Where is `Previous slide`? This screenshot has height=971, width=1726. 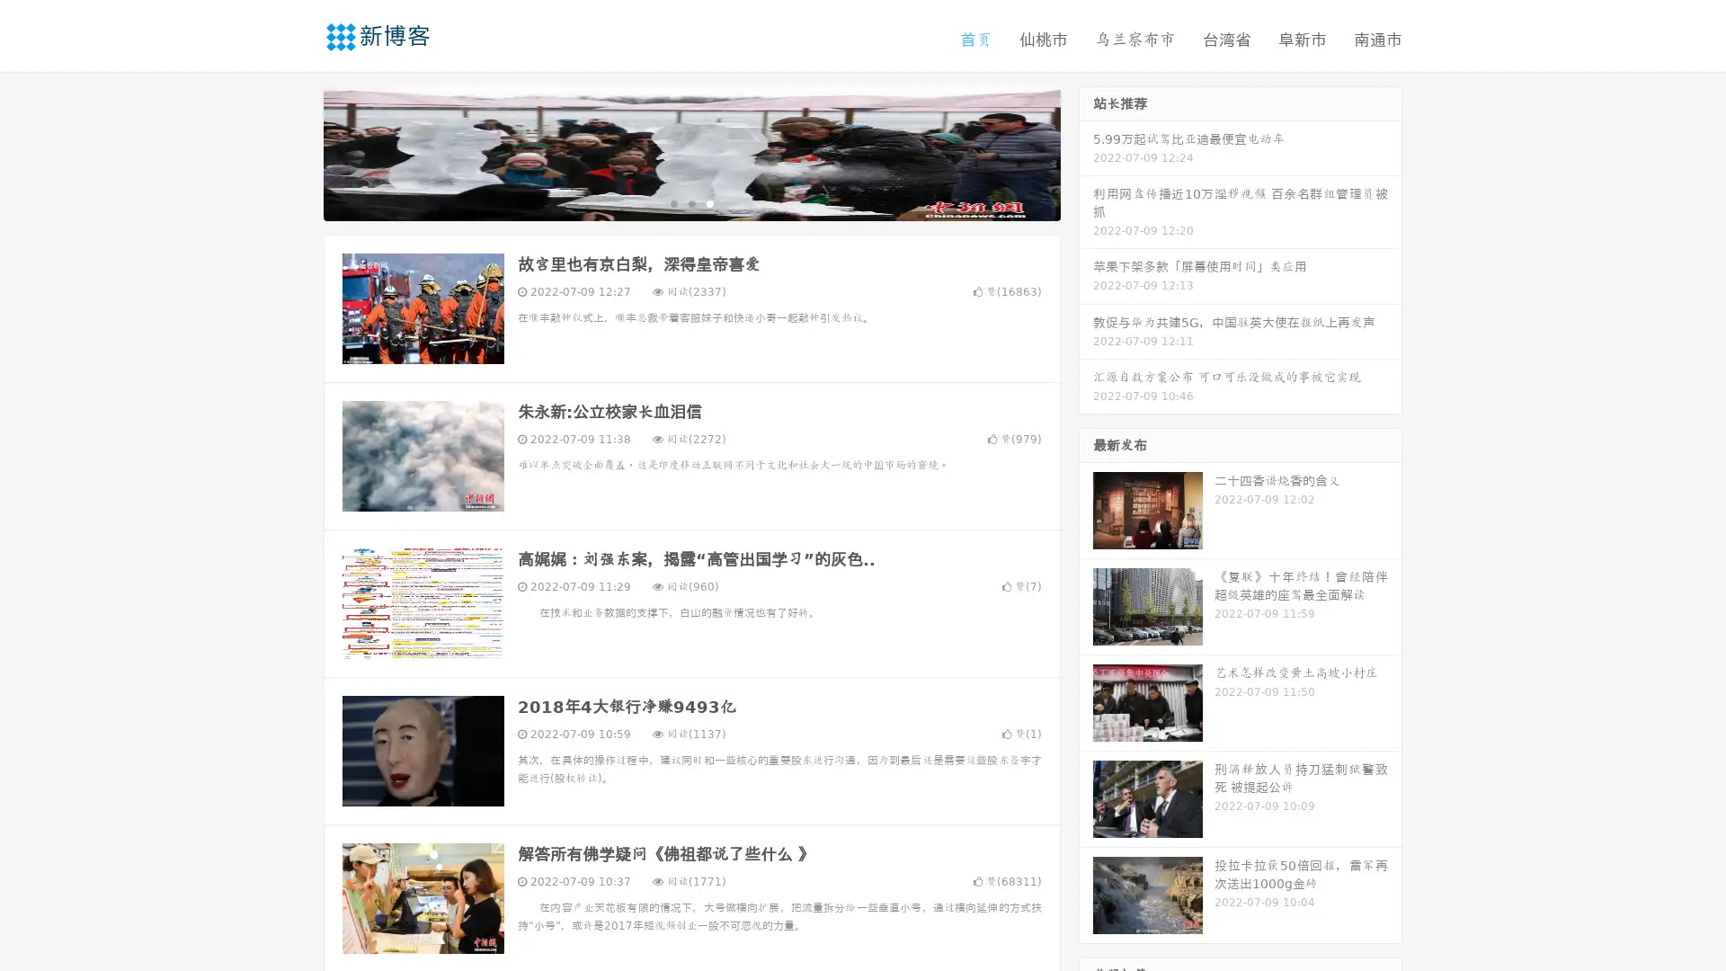 Previous slide is located at coordinates (297, 151).